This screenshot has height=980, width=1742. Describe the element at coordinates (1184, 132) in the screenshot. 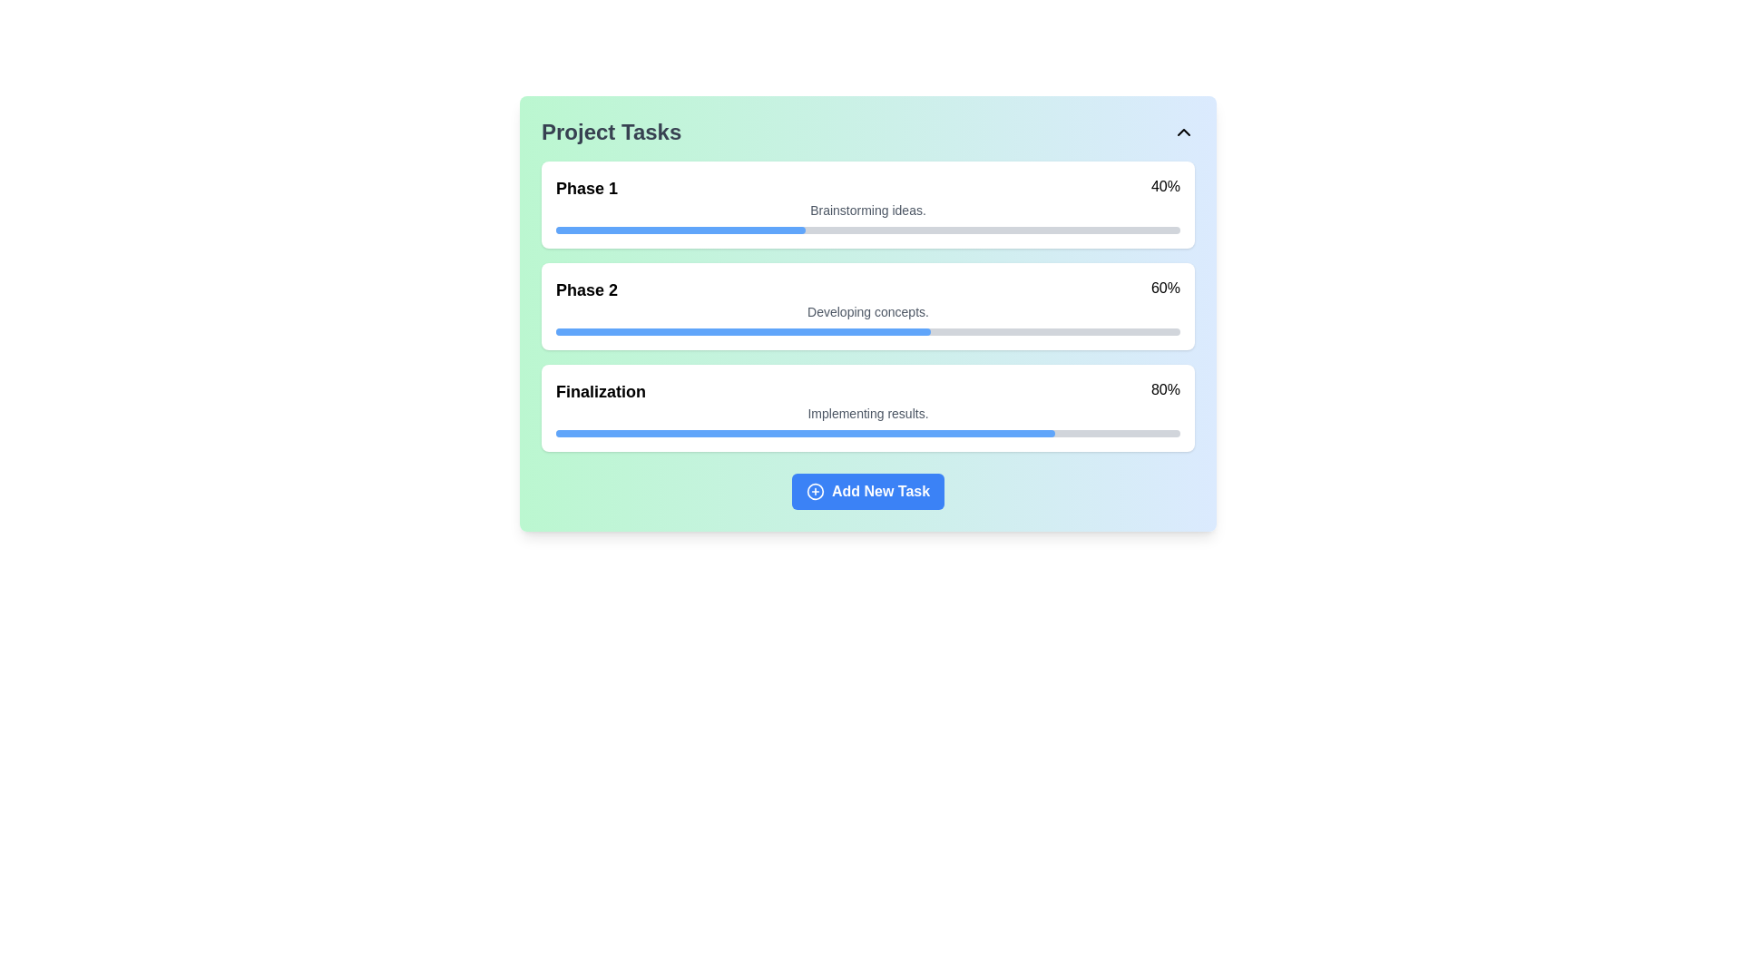

I see `the upward-pointing chevron arrow icon button located at the upper-right corner of the 'Project Tasks' section` at that location.